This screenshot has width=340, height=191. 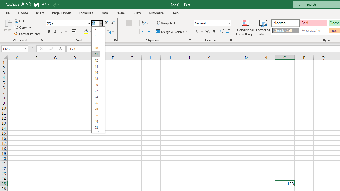 What do you see at coordinates (96, 60) in the screenshot?
I see `'12'` at bounding box center [96, 60].